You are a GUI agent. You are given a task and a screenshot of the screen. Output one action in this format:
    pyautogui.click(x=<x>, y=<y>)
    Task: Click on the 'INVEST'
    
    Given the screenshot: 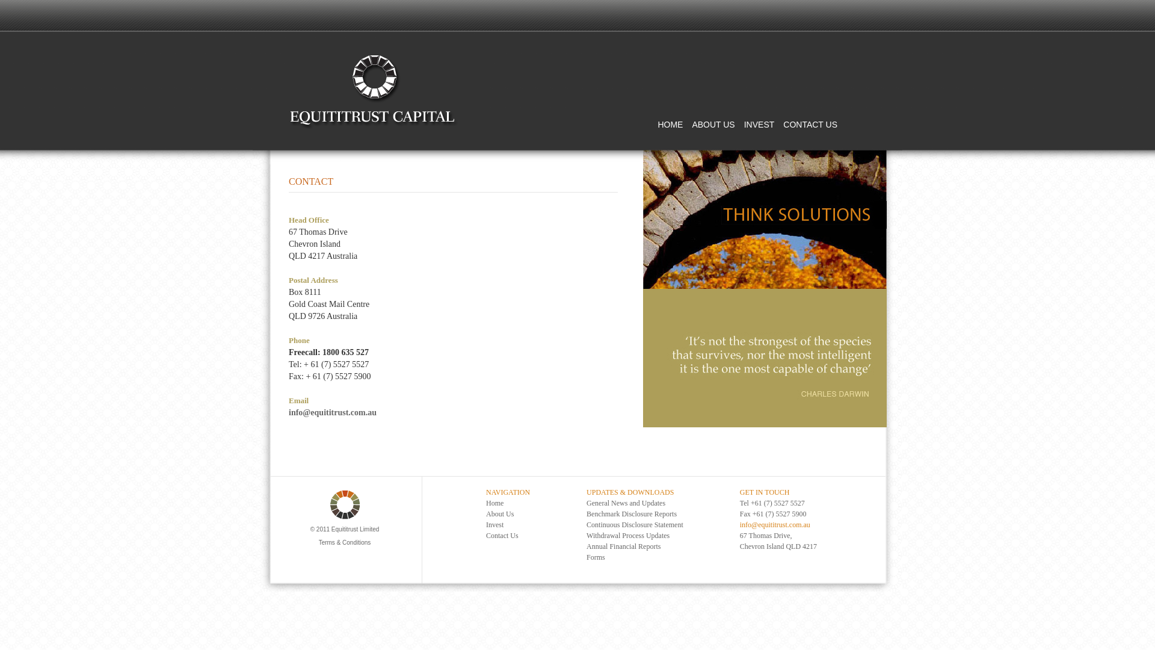 What is the action you would take?
    pyautogui.click(x=759, y=125)
    